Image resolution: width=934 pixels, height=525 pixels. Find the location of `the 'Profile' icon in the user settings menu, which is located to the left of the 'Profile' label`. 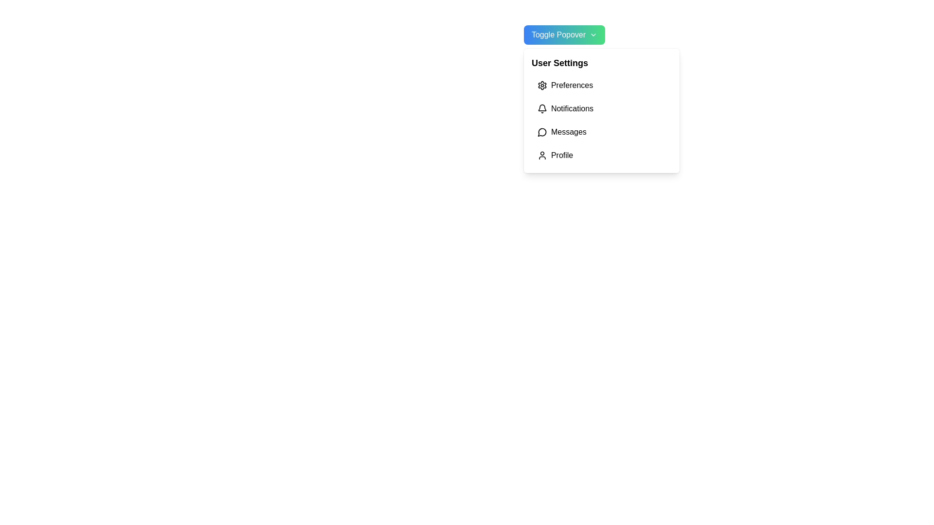

the 'Profile' icon in the user settings menu, which is located to the left of the 'Profile' label is located at coordinates (541, 155).